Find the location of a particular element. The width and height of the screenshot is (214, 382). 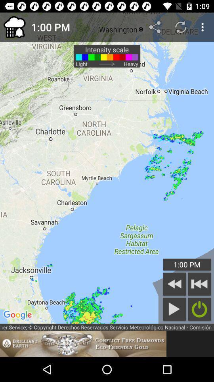

rewind rain forecast is located at coordinates (174, 284).